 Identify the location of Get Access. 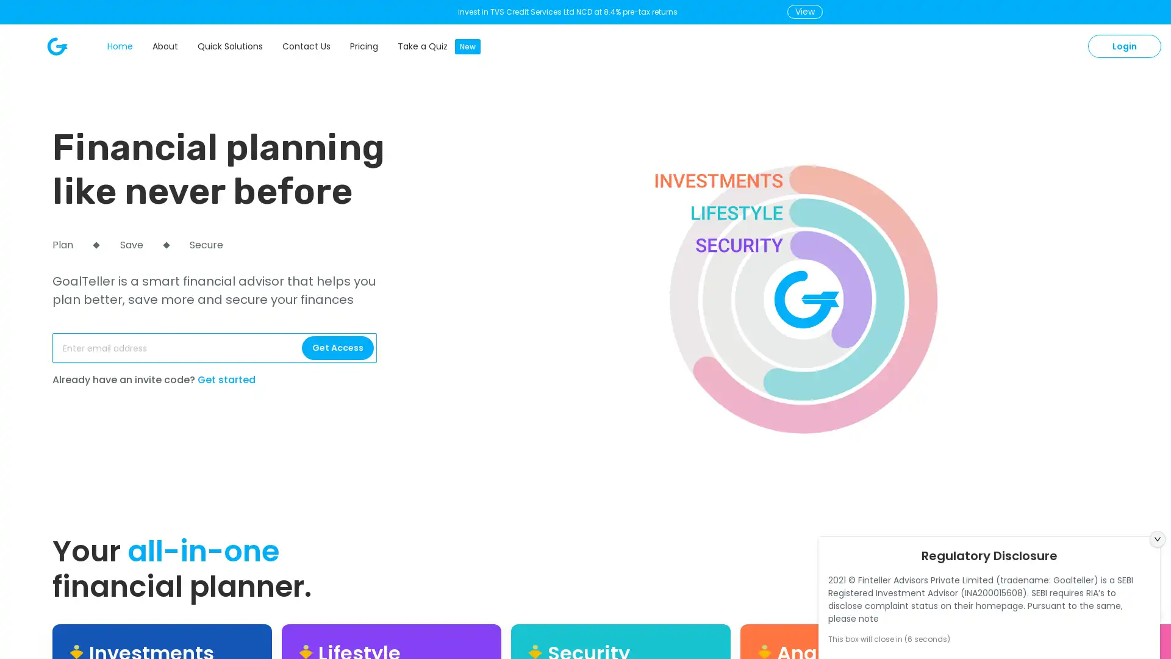
(337, 348).